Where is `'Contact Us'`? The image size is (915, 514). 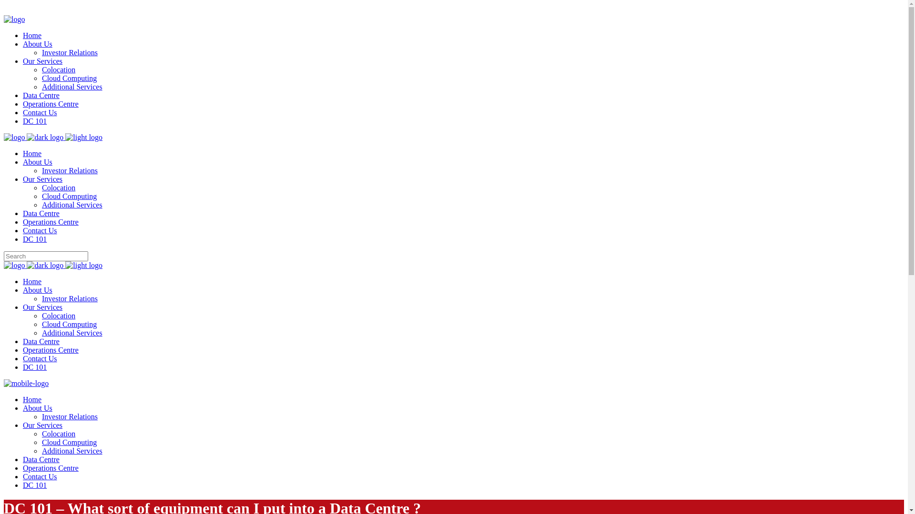 'Contact Us' is located at coordinates (39, 112).